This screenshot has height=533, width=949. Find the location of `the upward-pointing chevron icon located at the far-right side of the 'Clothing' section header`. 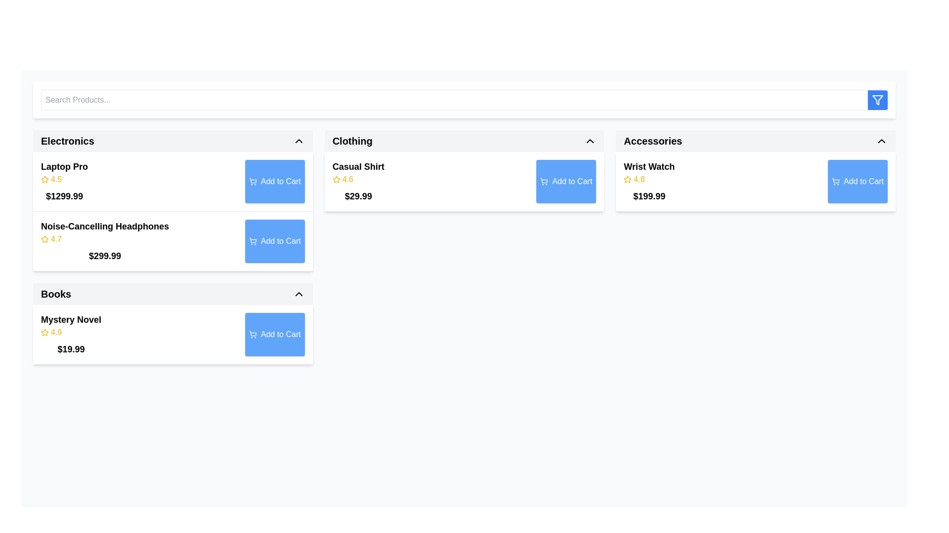

the upward-pointing chevron icon located at the far-right side of the 'Clothing' section header is located at coordinates (590, 141).